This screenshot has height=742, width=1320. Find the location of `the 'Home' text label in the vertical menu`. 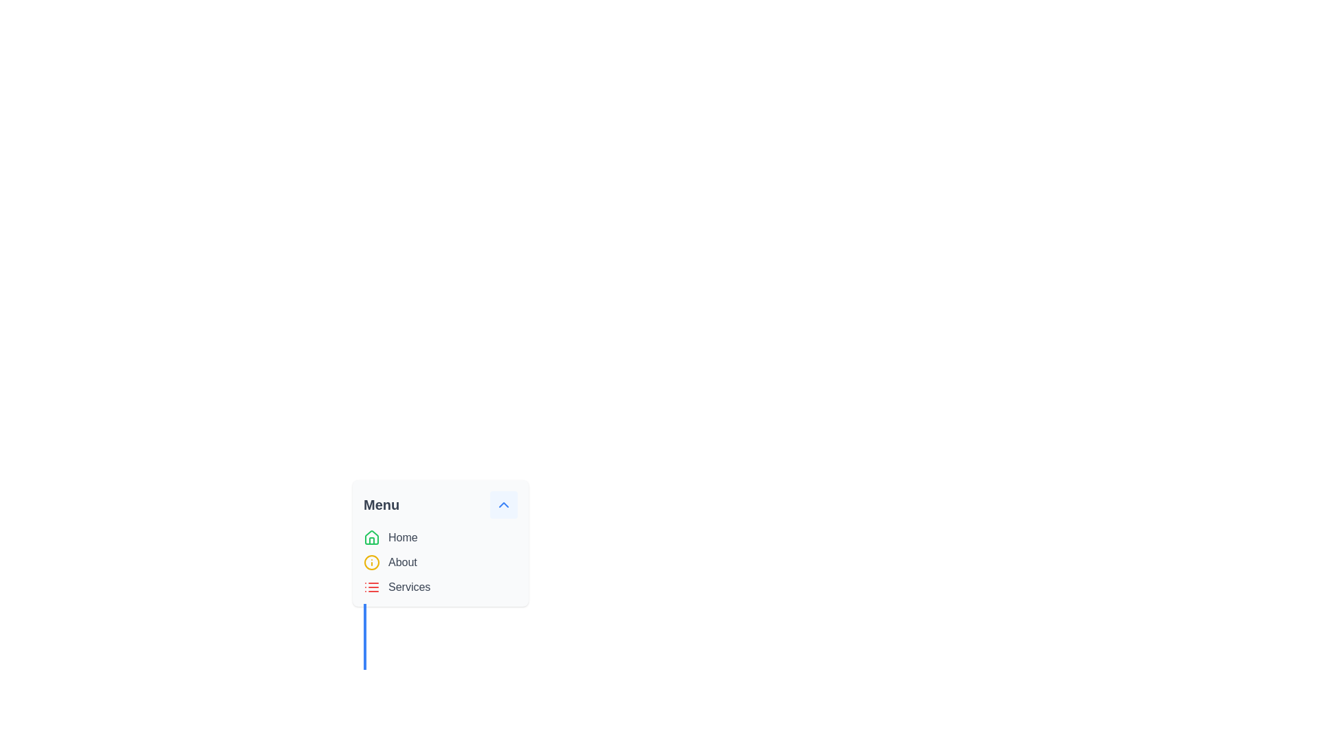

the 'Home' text label in the vertical menu is located at coordinates (402, 537).